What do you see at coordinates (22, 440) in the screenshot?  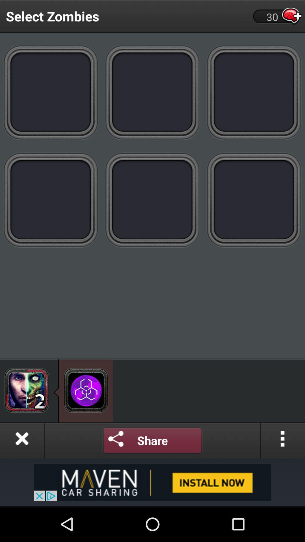 I see `close` at bounding box center [22, 440].